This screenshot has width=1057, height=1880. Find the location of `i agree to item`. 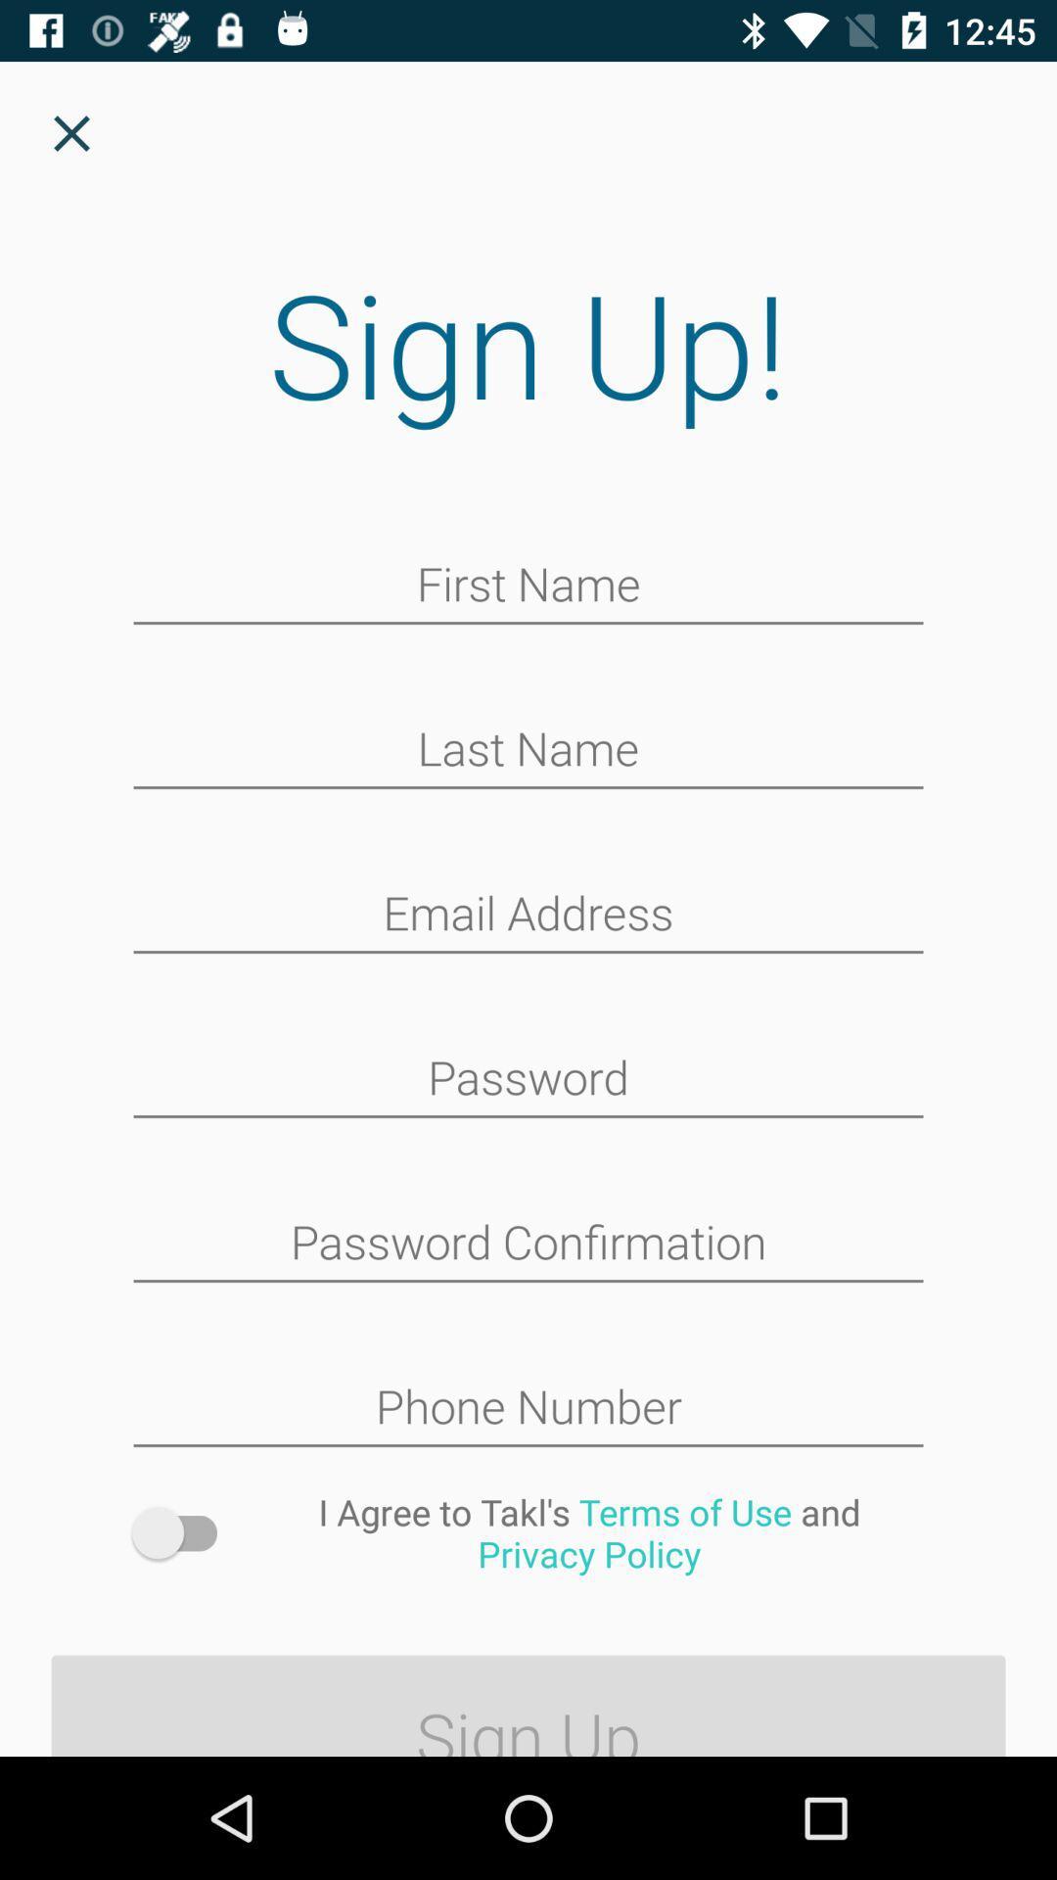

i agree to item is located at coordinates (588, 1531).